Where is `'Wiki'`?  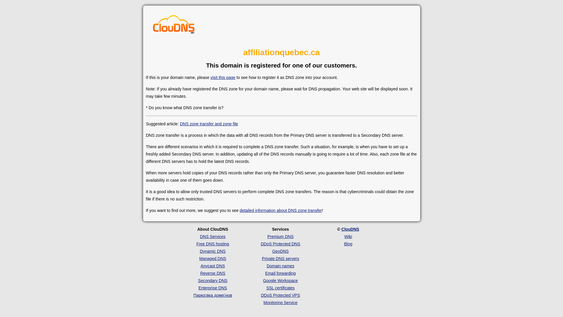
'Wiki' is located at coordinates (348, 236).